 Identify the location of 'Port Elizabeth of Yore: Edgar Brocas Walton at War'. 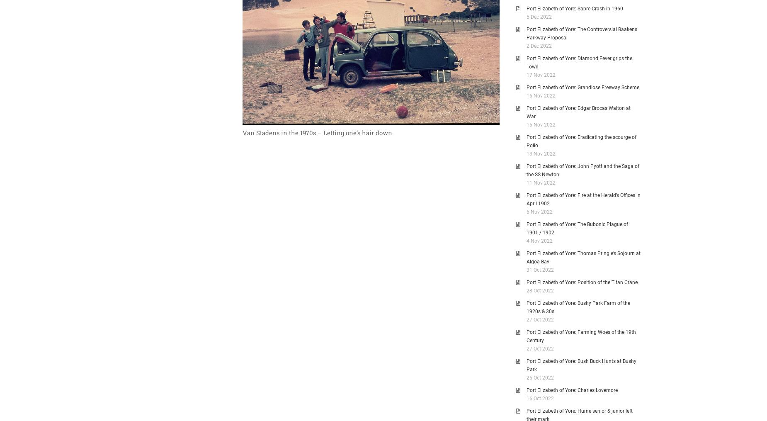
(578, 112).